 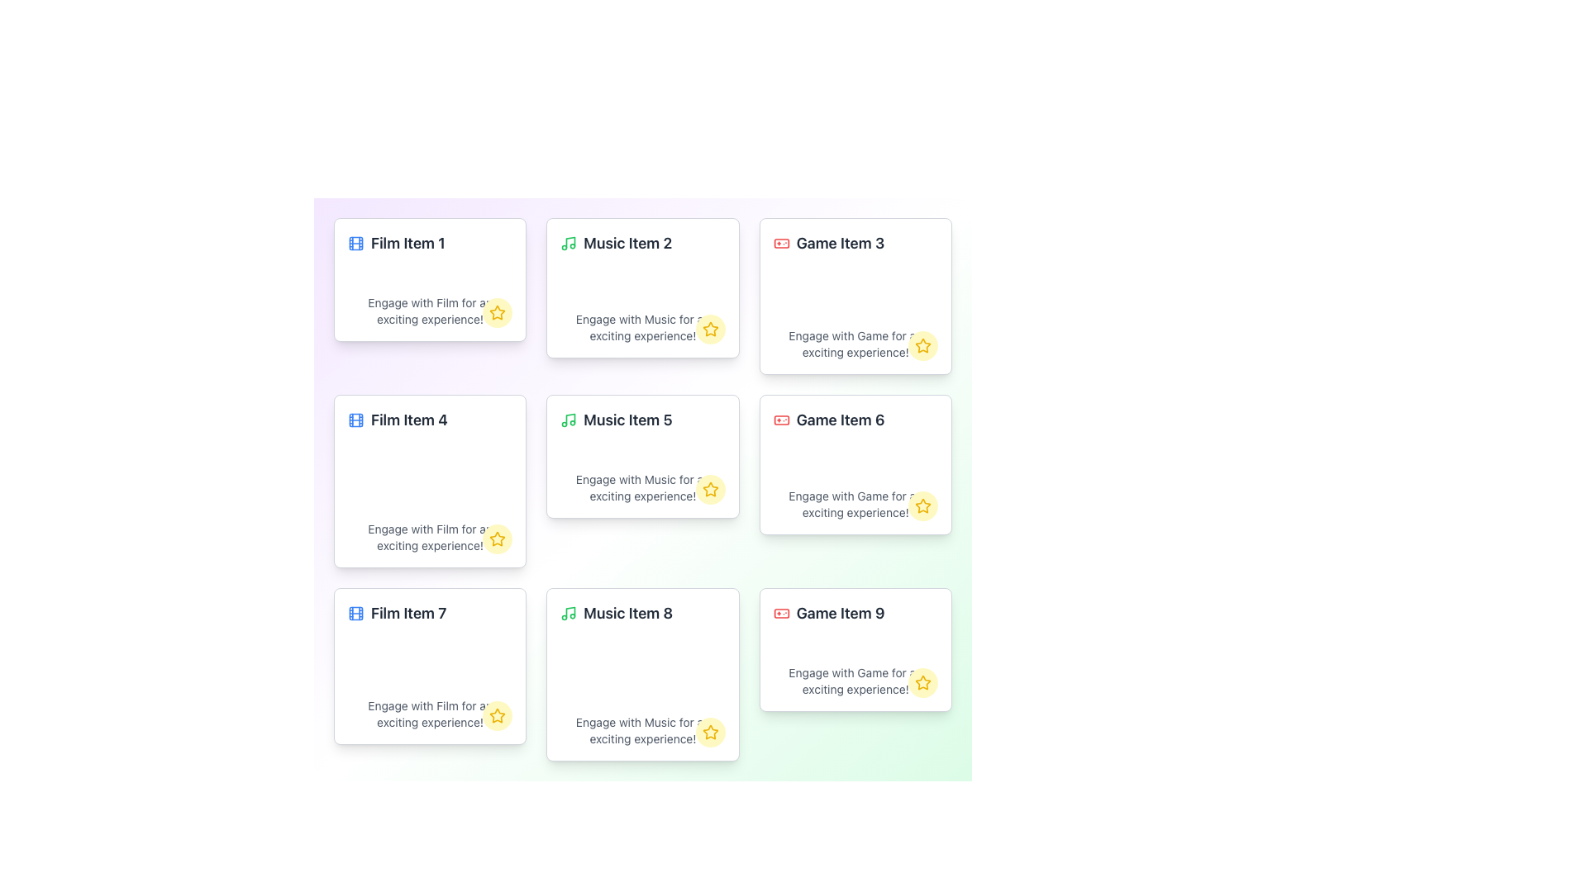 I want to click on the star icon located at the bottom-right corner of the 'Game Item 9' card, so click(x=710, y=731).